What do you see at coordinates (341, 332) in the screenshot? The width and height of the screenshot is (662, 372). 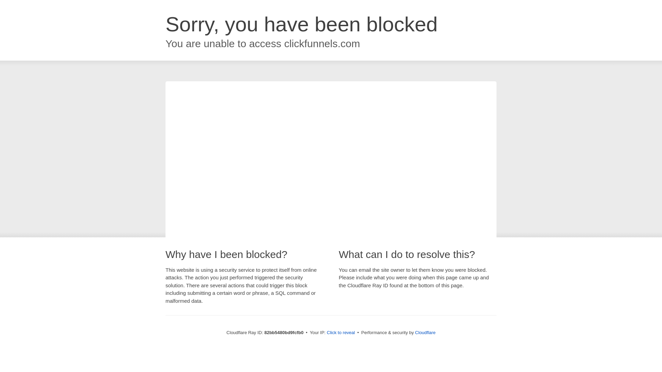 I see `'Click to reveal'` at bounding box center [341, 332].